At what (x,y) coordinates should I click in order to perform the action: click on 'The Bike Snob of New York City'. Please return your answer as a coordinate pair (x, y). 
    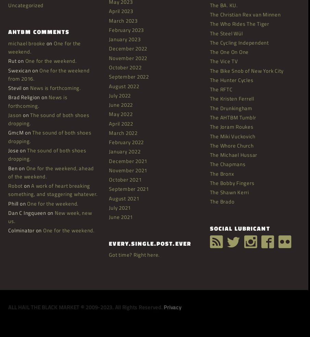
    Looking at the image, I should click on (209, 70).